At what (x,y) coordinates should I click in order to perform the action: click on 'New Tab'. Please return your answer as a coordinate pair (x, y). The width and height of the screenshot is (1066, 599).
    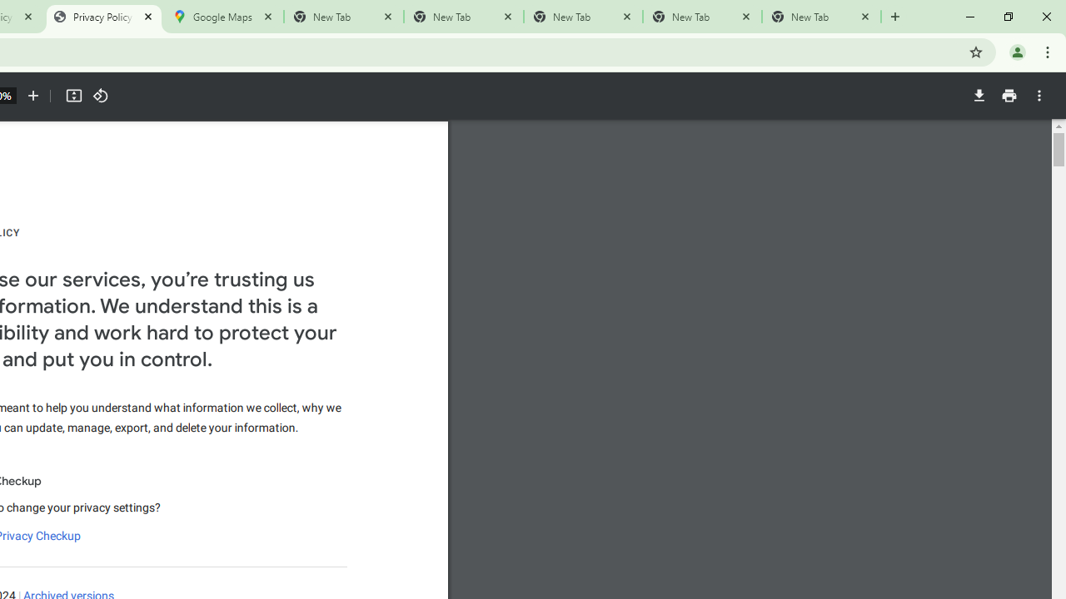
    Looking at the image, I should click on (821, 17).